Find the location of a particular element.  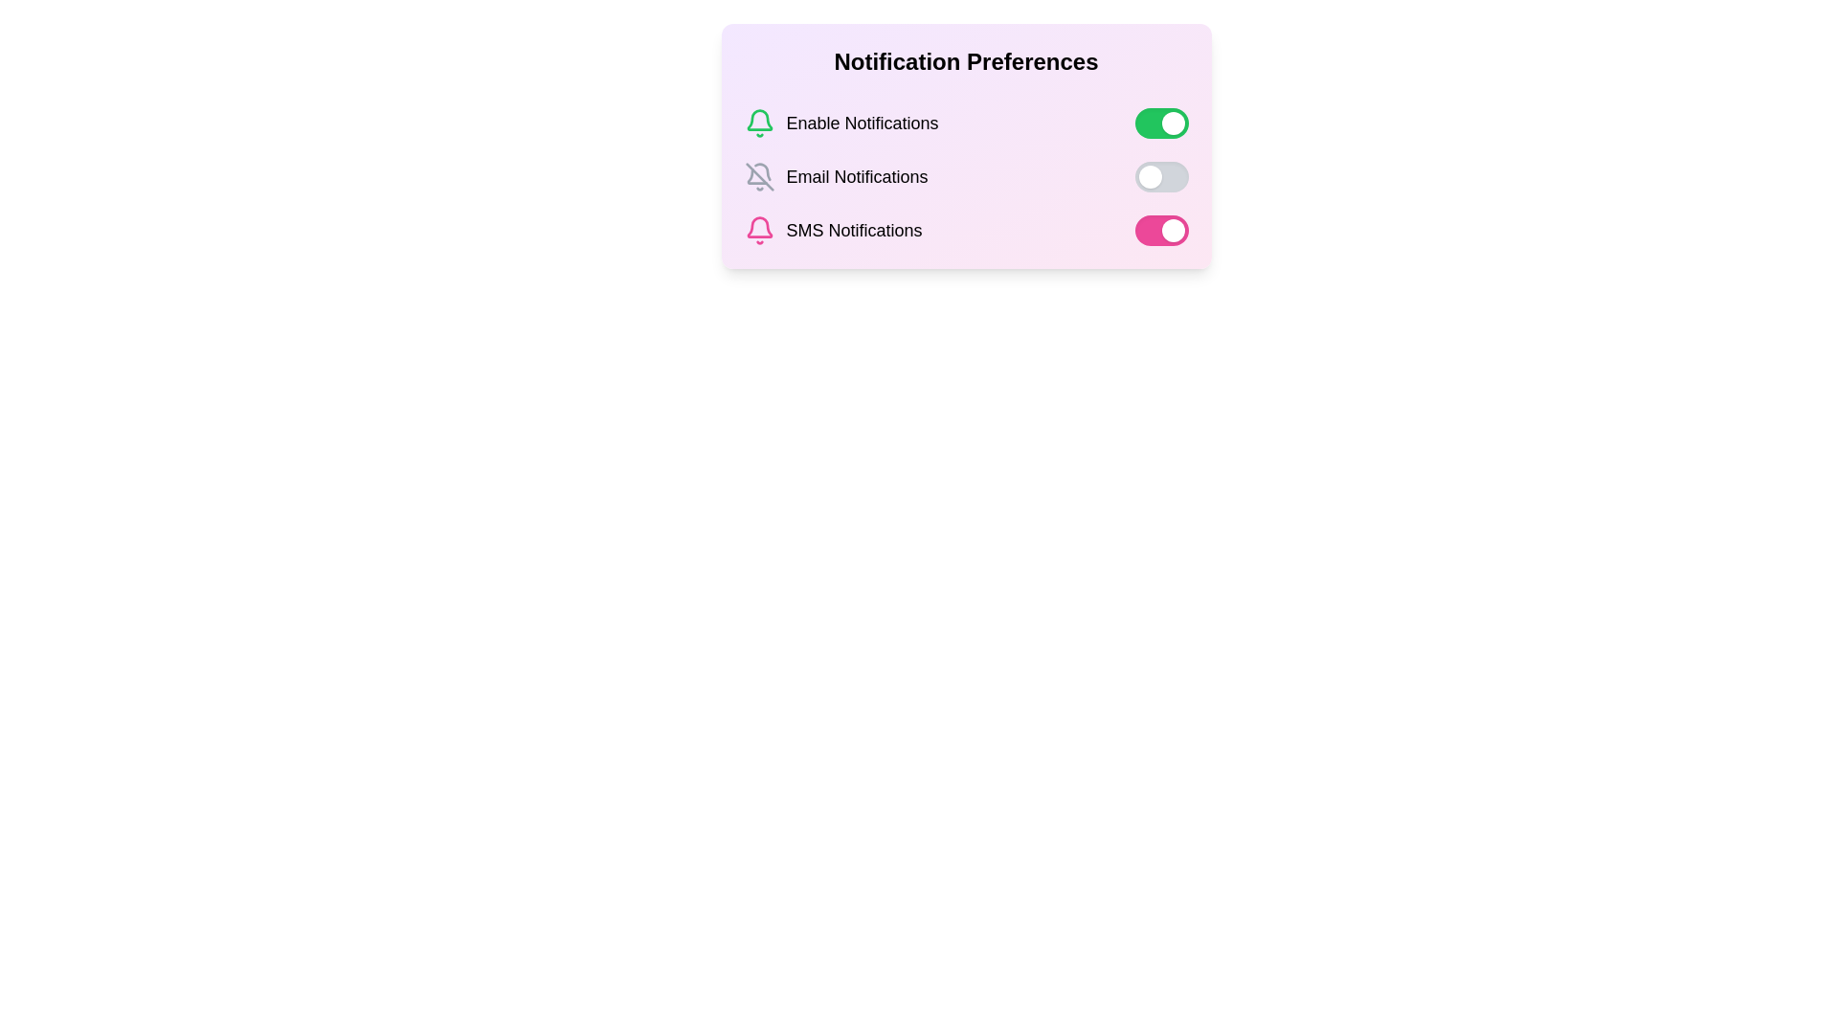

the toggle switch for 'SMS Notifications', which is a pink-colored toggleable feature item within the 'Notification Preferences' section of the settings list is located at coordinates (966, 229).